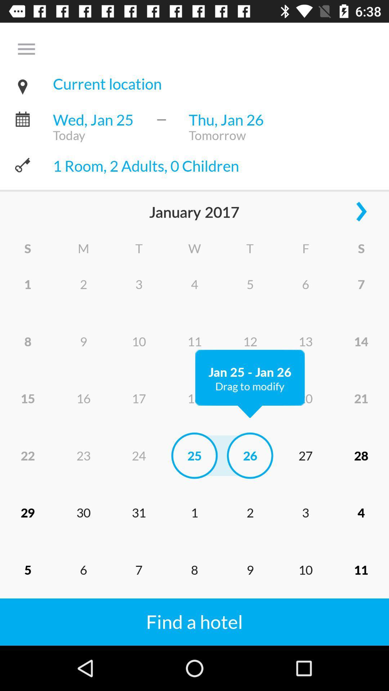 The image size is (389, 691). What do you see at coordinates (138, 613) in the screenshot?
I see `on the text find a hotel` at bounding box center [138, 613].